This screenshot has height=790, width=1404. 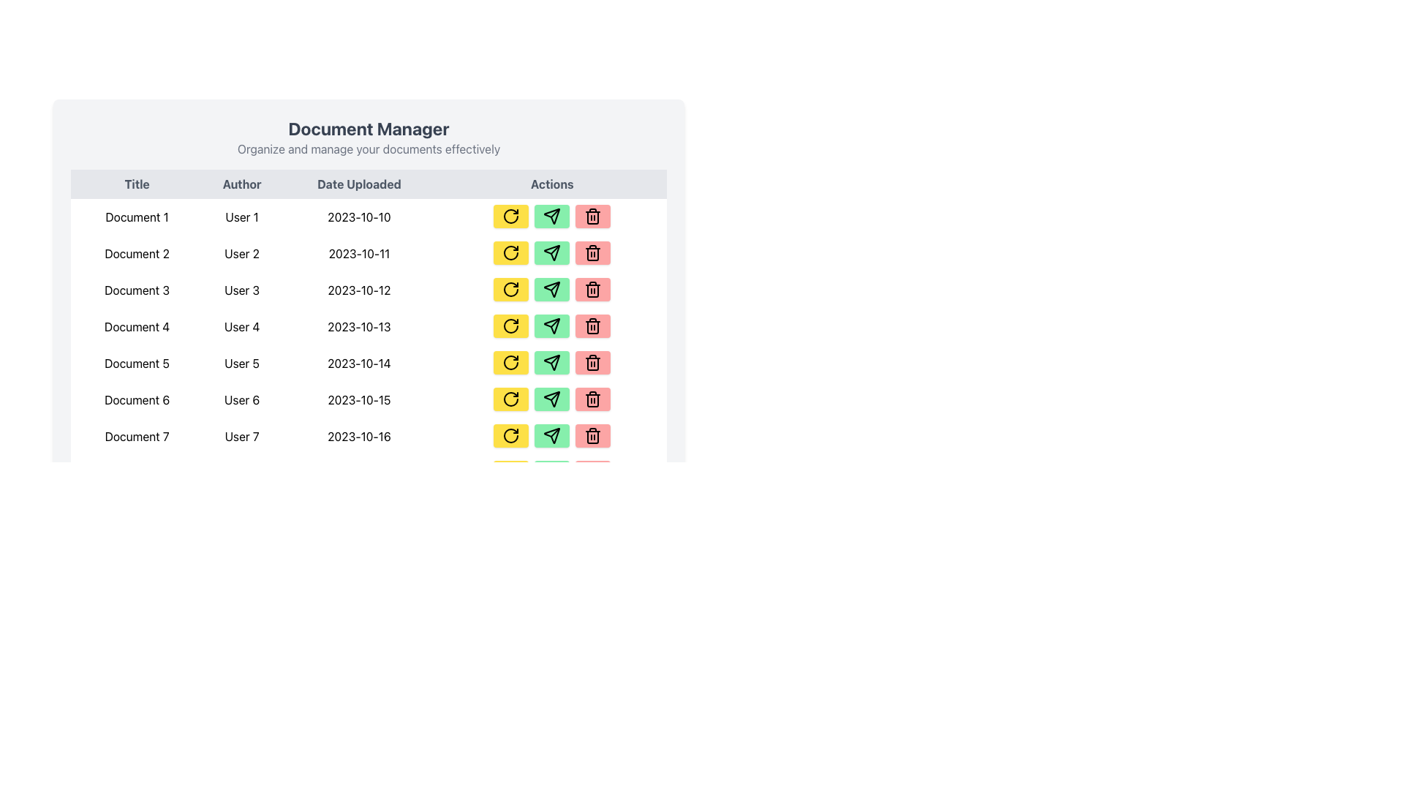 What do you see at coordinates (551, 252) in the screenshot?
I see `the button that initiates a send or submit action for the document associated with its row in the table, located between a yellow refresh button and a red delete button, aligned with the second document entry` at bounding box center [551, 252].